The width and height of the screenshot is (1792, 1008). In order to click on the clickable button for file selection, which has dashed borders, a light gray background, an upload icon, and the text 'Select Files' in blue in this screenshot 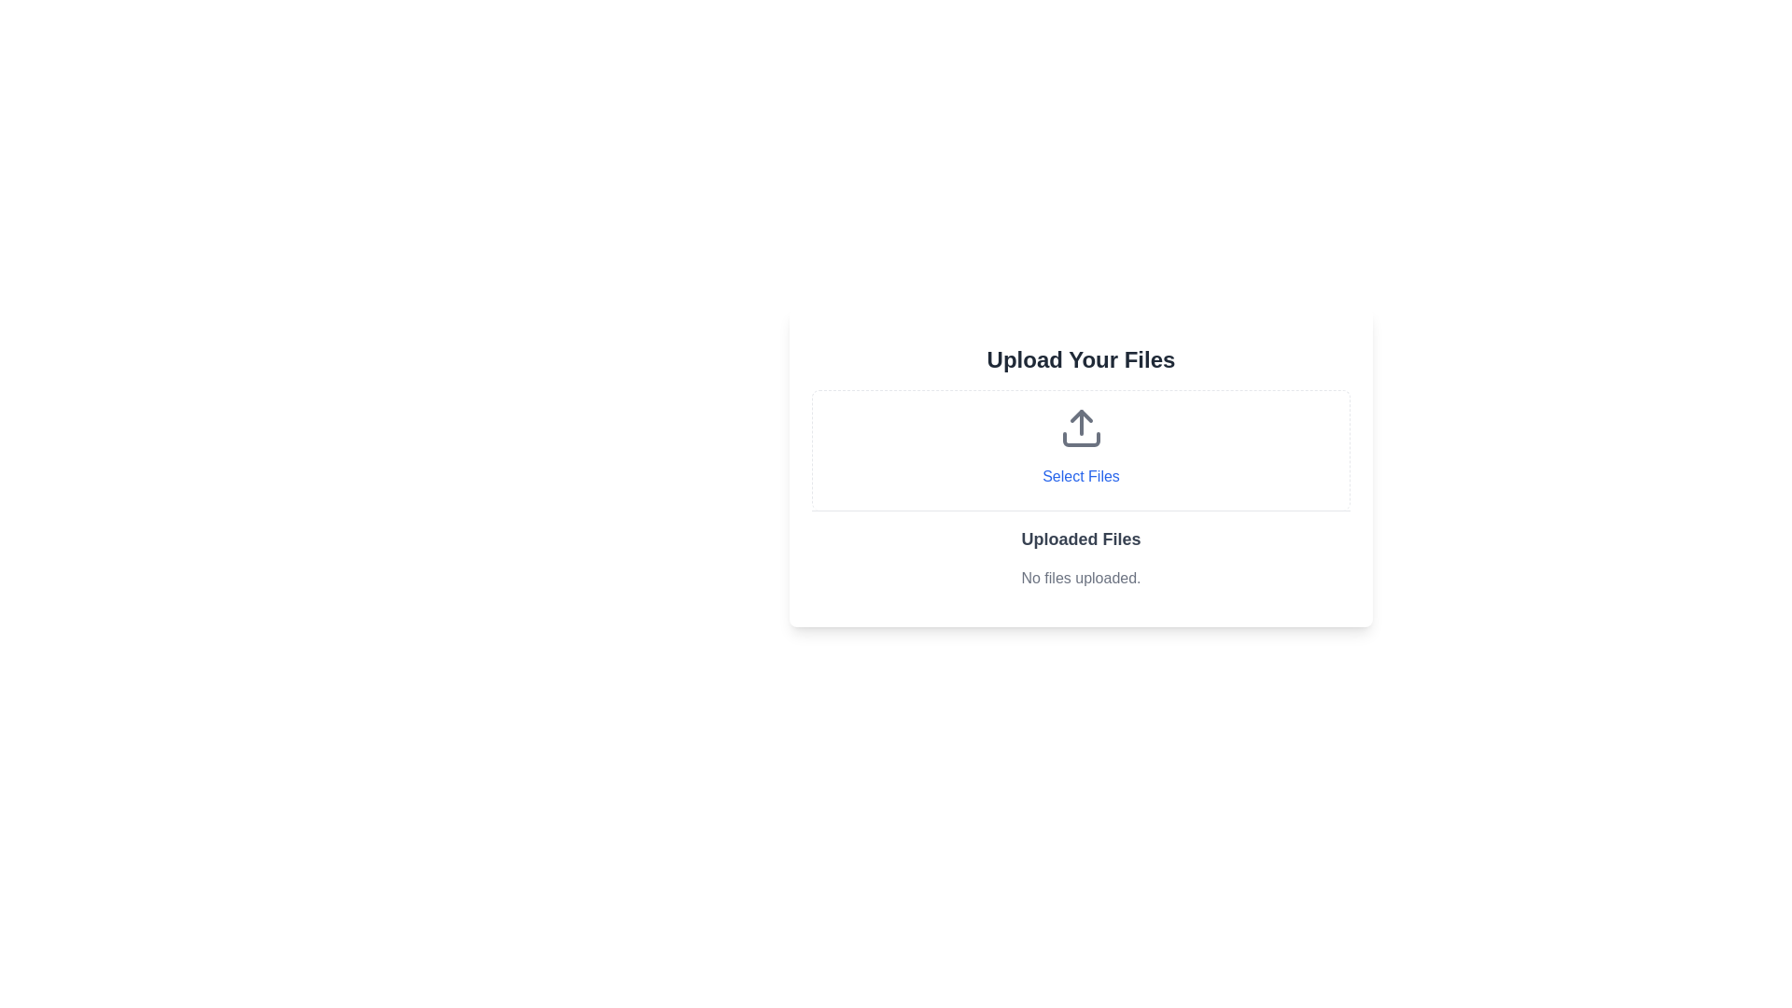, I will do `click(1081, 450)`.